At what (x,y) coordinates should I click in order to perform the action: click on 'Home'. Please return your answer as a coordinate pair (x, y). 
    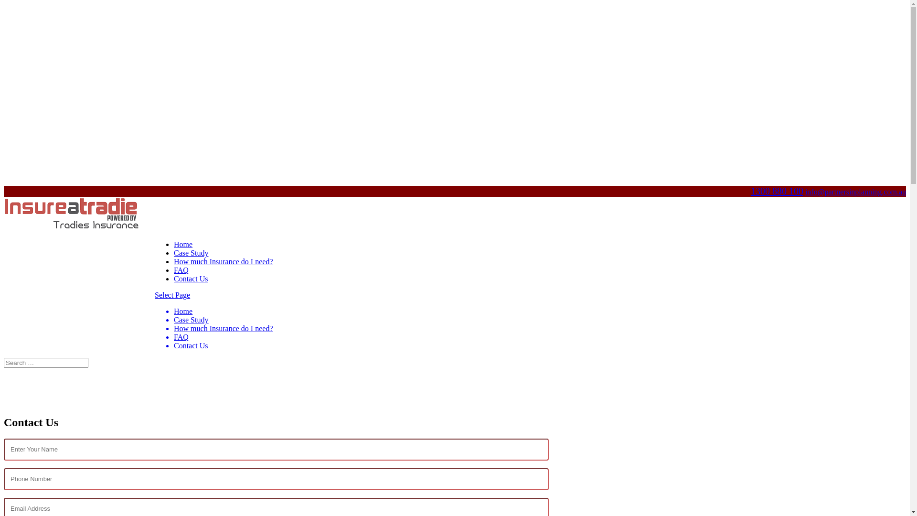
    Looking at the image, I should click on (183, 244).